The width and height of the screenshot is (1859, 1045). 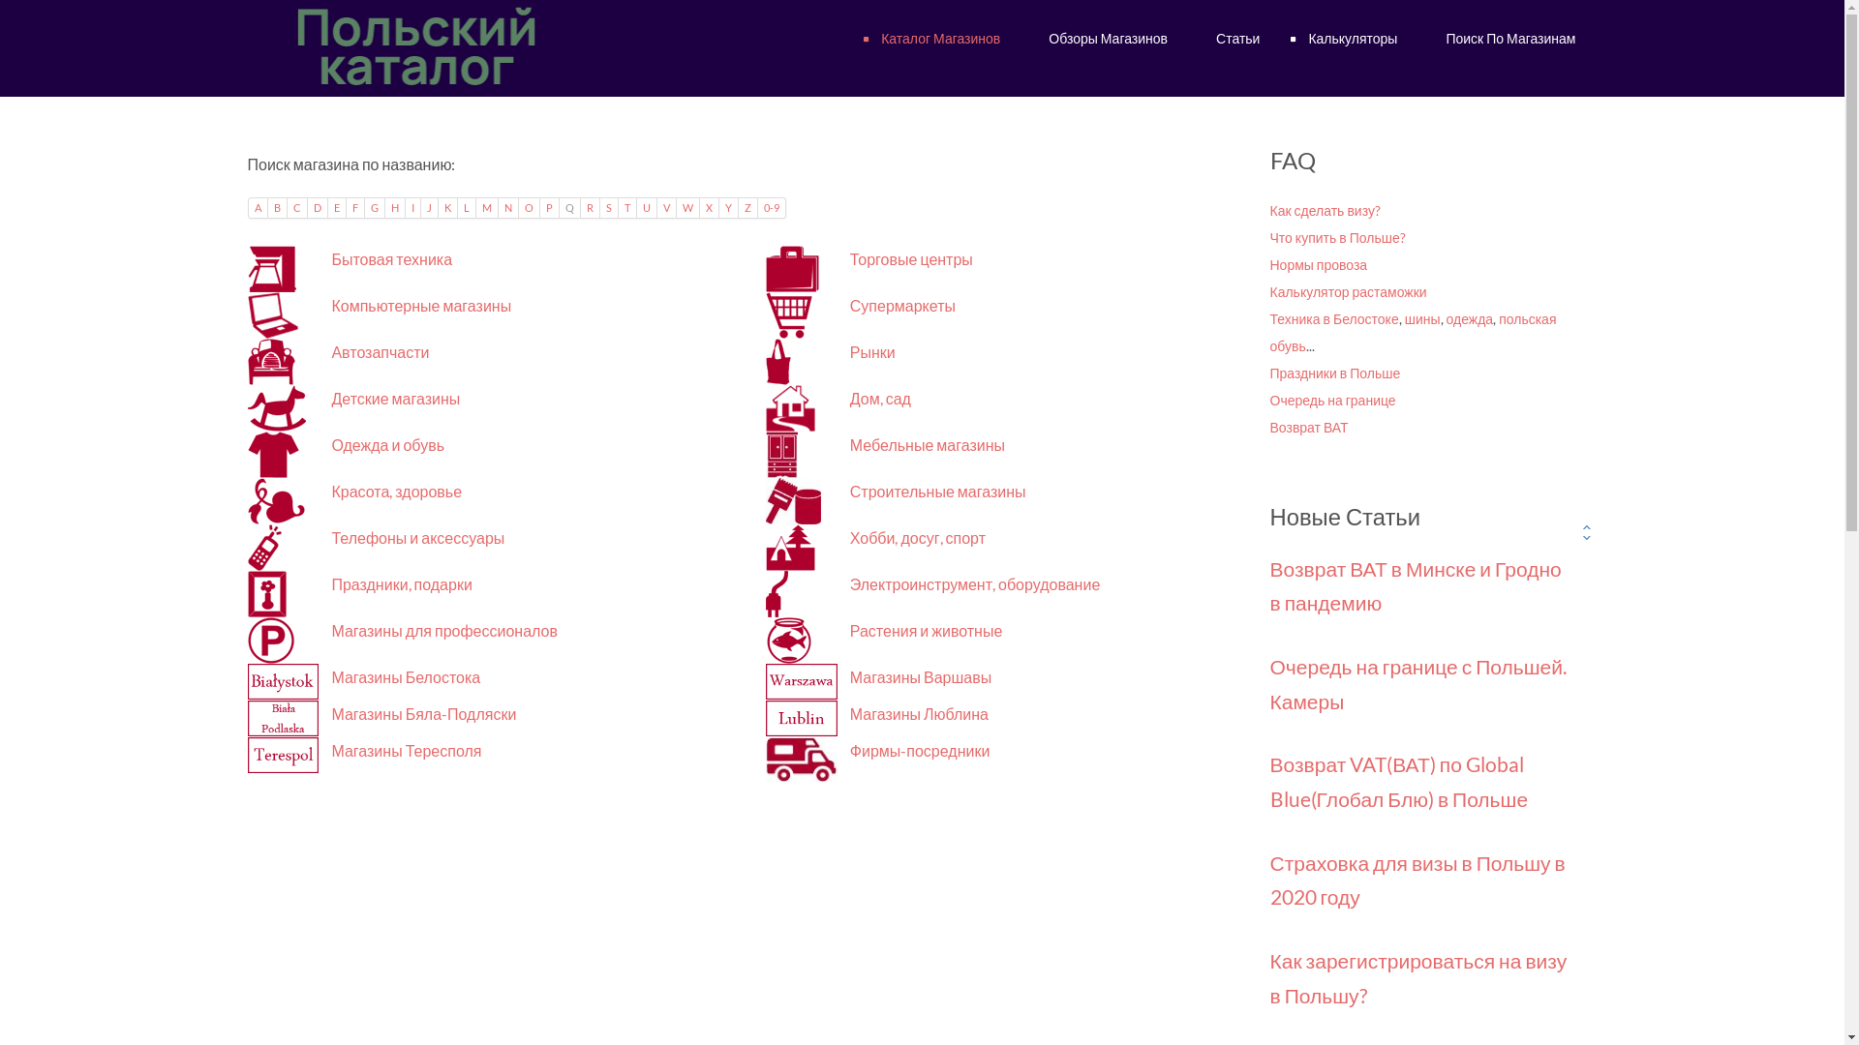 I want to click on 'O', so click(x=519, y=208).